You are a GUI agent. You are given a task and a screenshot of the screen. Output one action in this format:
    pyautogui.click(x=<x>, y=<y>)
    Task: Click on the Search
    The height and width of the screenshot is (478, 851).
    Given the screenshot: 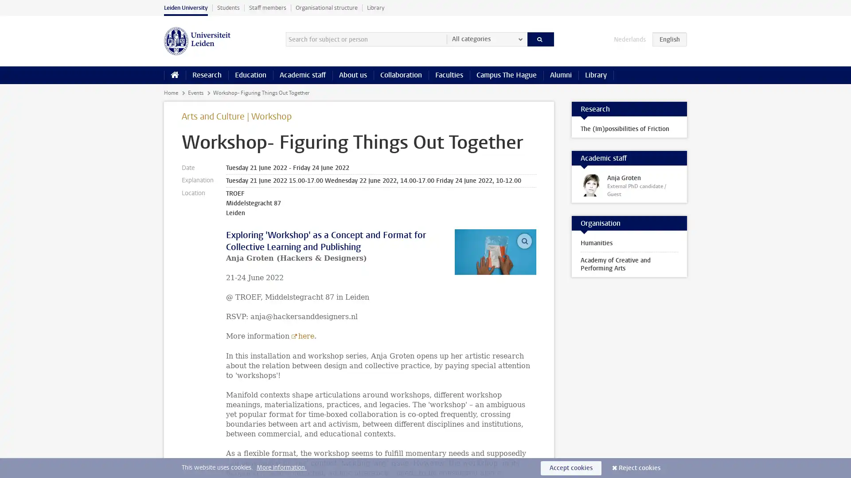 What is the action you would take?
    pyautogui.click(x=540, y=39)
    